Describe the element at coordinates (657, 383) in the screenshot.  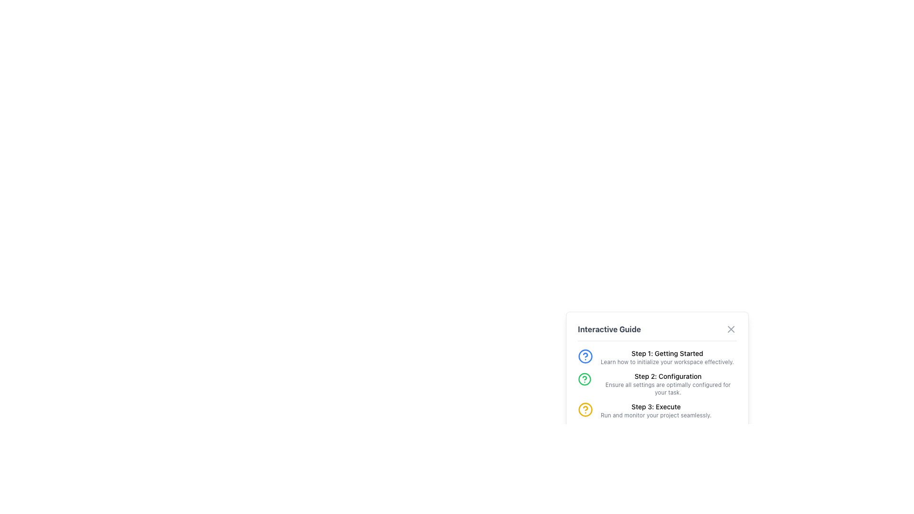
I see `the Informative Section titled 'Step 2: Configuration' which contains a description about optimal settings and a green question mark icon` at that location.